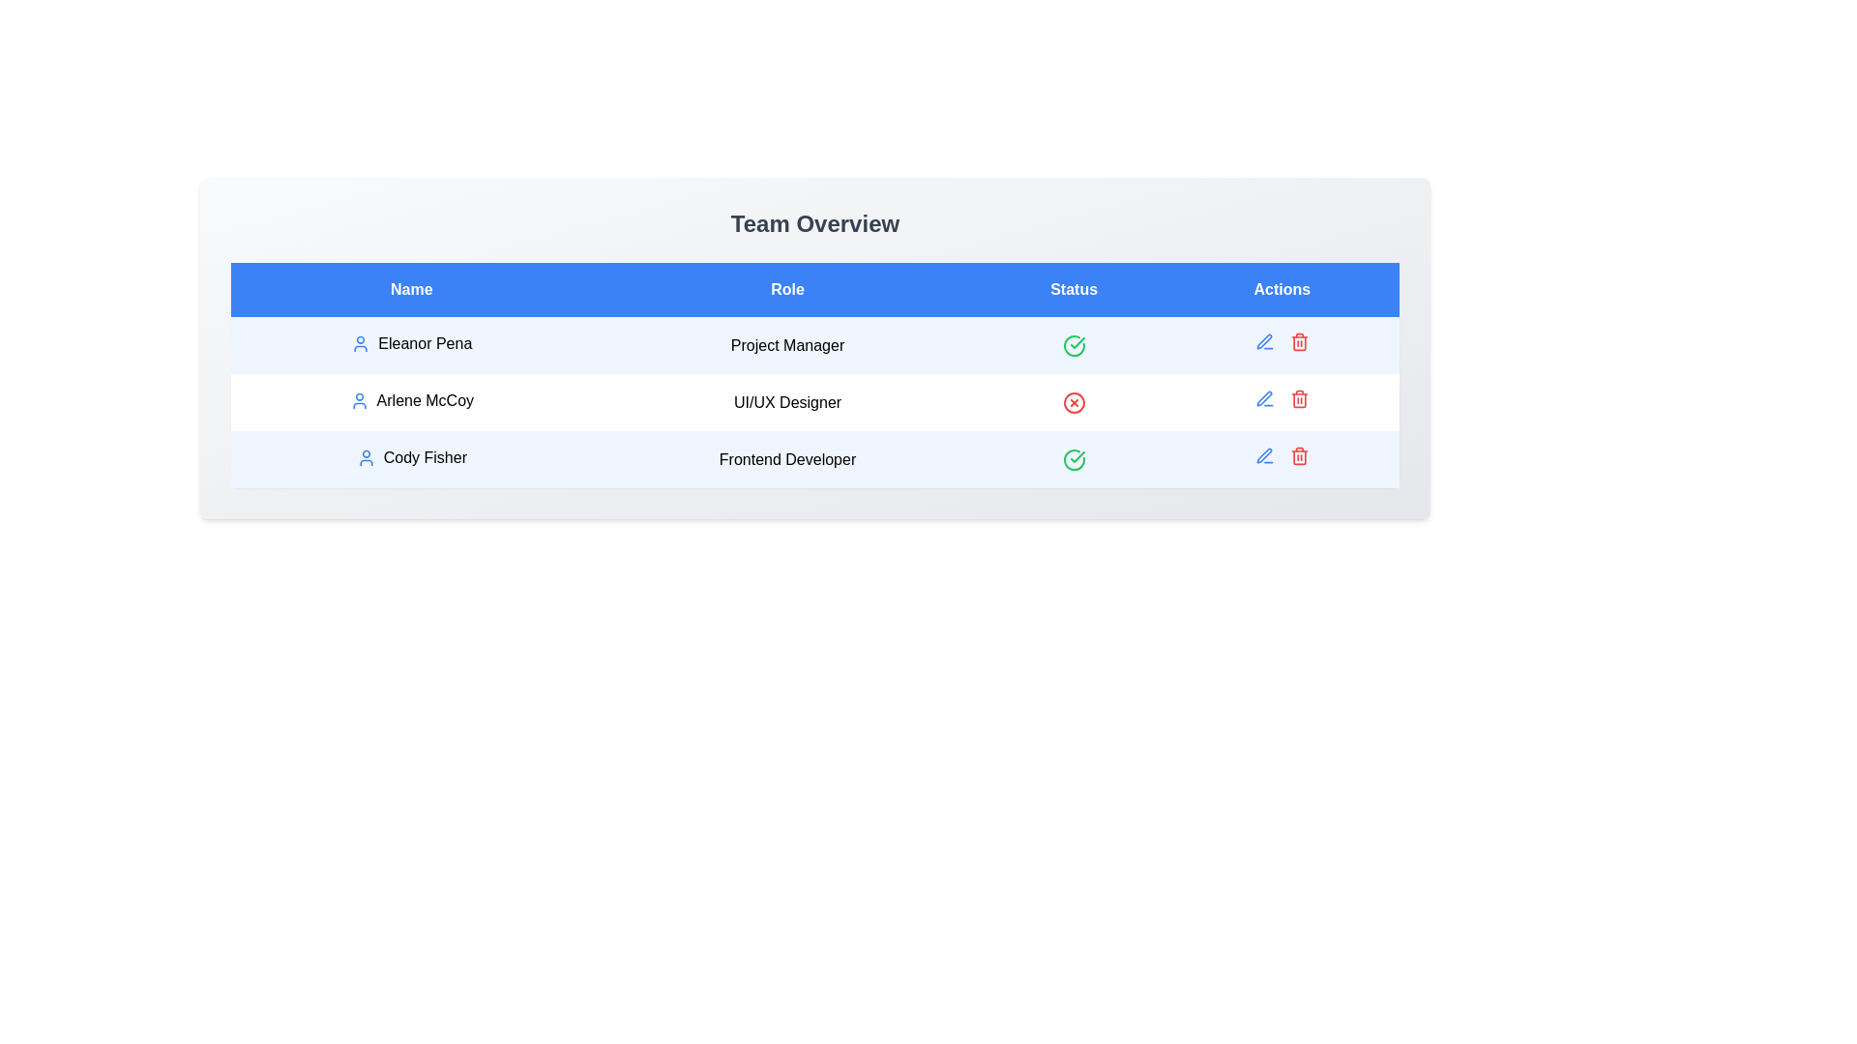 The height and width of the screenshot is (1044, 1857). Describe the element at coordinates (410, 342) in the screenshot. I see `the text display element showing 'Eleanor Pena' with the blue user icon, located in the first row of the 'Name' column` at that location.